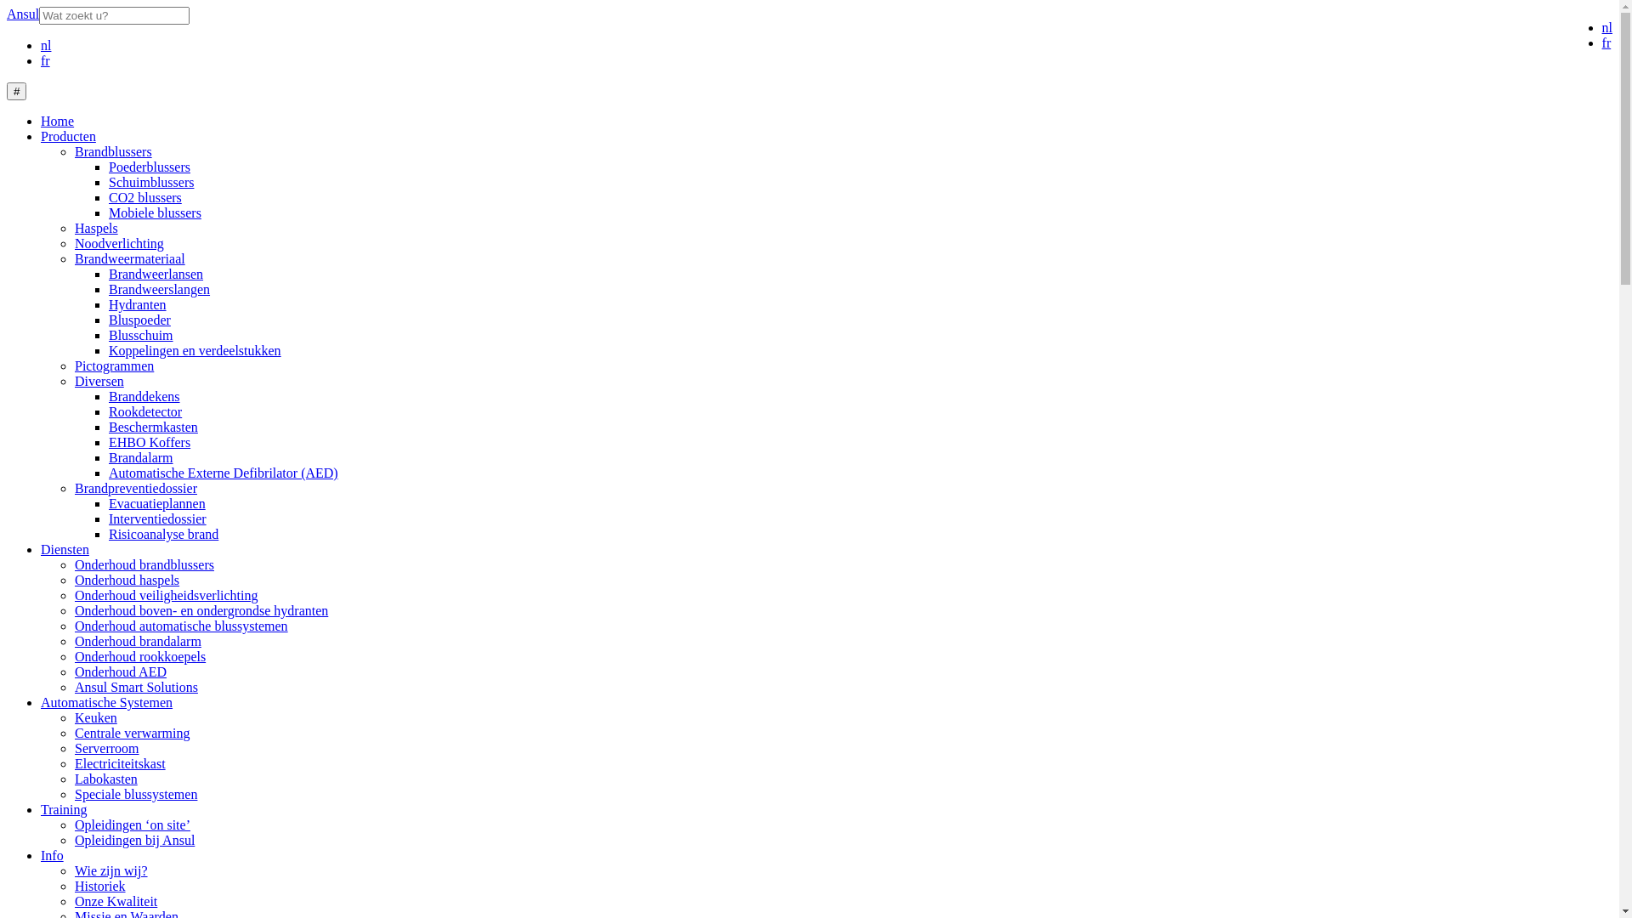 This screenshot has height=918, width=1632. What do you see at coordinates (7, 91) in the screenshot?
I see `'#'` at bounding box center [7, 91].